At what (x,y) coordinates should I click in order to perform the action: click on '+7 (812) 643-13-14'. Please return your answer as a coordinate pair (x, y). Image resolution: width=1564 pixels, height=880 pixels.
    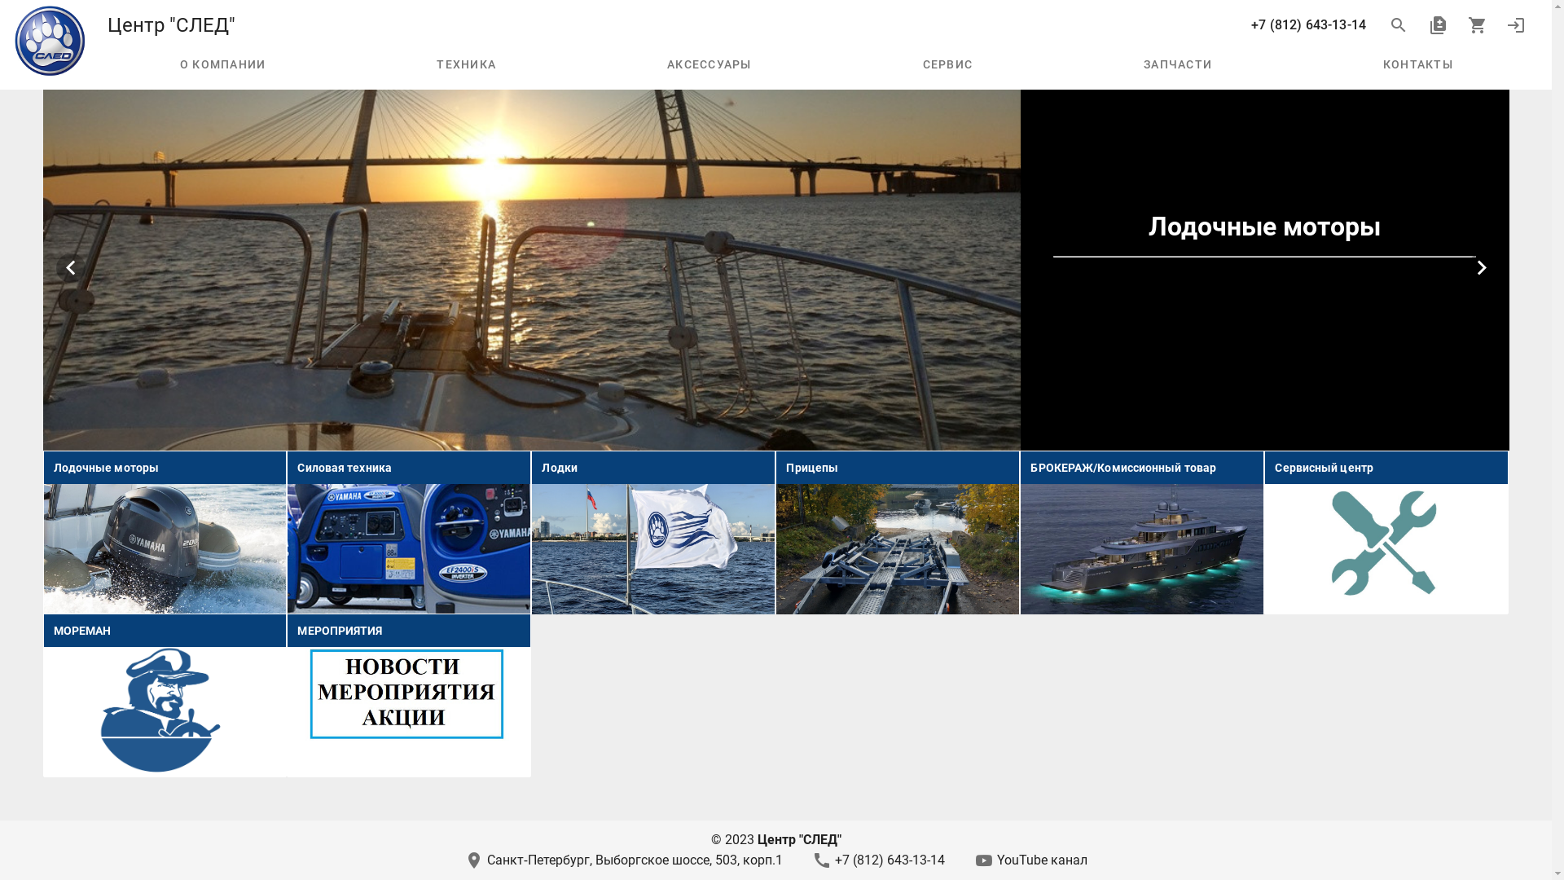
    Looking at the image, I should click on (1308, 24).